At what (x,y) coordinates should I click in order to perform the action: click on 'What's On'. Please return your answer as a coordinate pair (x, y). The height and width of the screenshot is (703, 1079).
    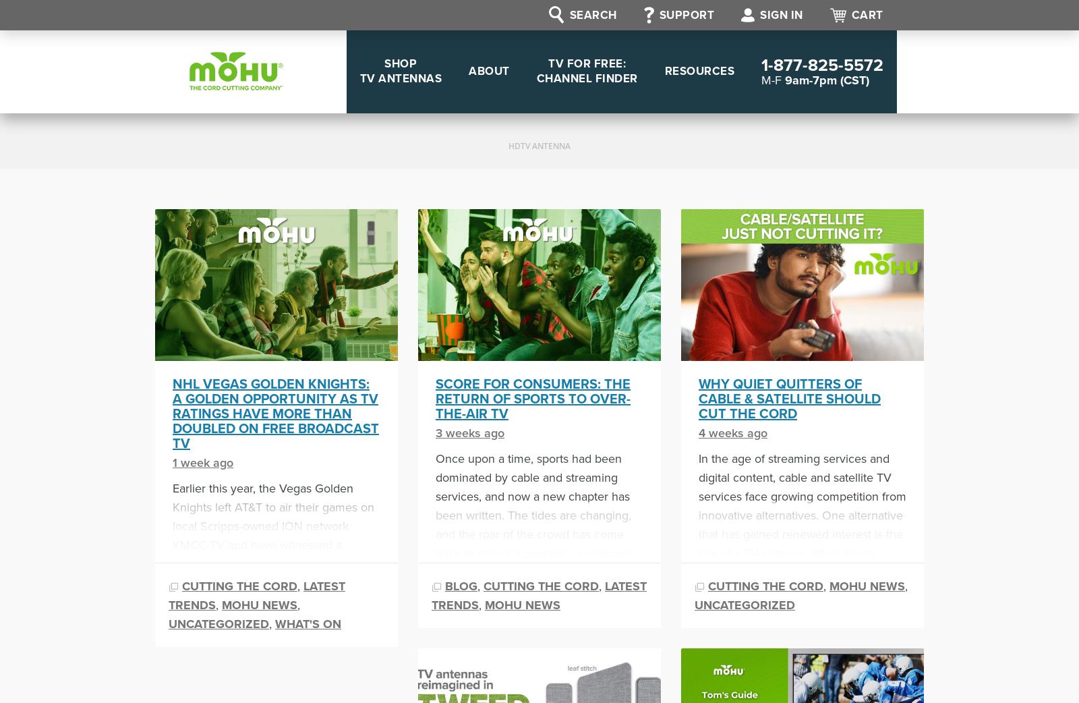
    Looking at the image, I should click on (307, 623).